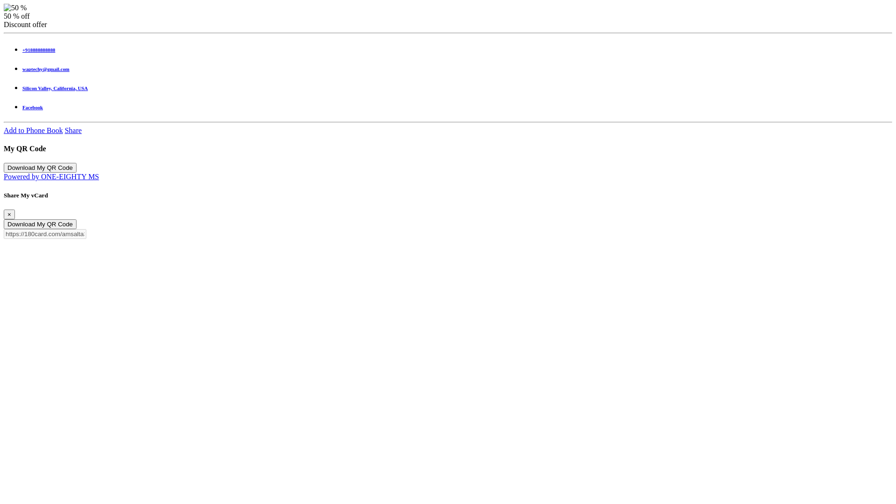 The height and width of the screenshot is (504, 896). What do you see at coordinates (22, 88) in the screenshot?
I see `'Silicon Valley, California, USA'` at bounding box center [22, 88].